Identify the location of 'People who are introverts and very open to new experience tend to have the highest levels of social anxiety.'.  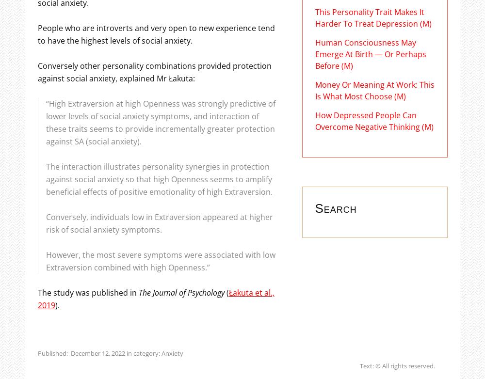
(155, 33).